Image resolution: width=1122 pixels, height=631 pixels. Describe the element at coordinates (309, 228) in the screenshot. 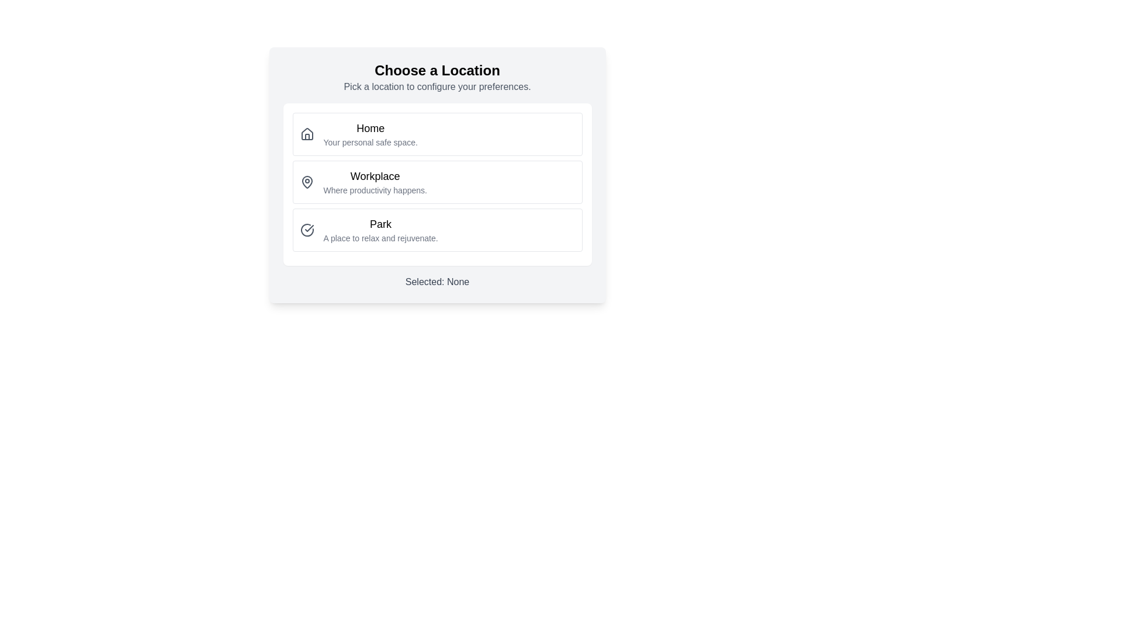

I see `the checkmark icon within the rounded outline that represents the 'Park' option to trigger a tooltip or highlight effect` at that location.